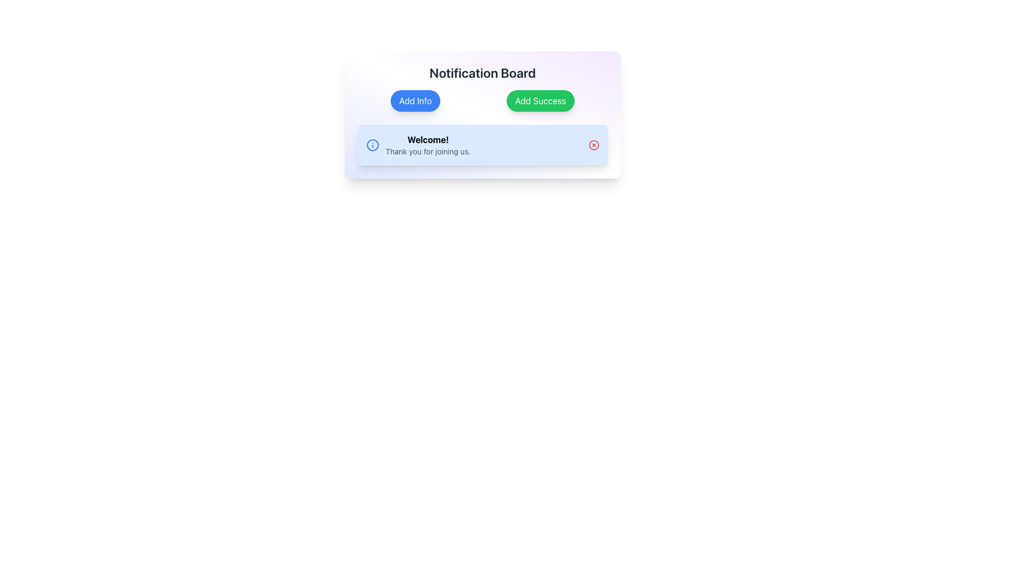  Describe the element at coordinates (593, 145) in the screenshot. I see `the close button located in the bottom-right corner of the notification card containing the text 'Welcome! Thank you for joining us.'` at that location.